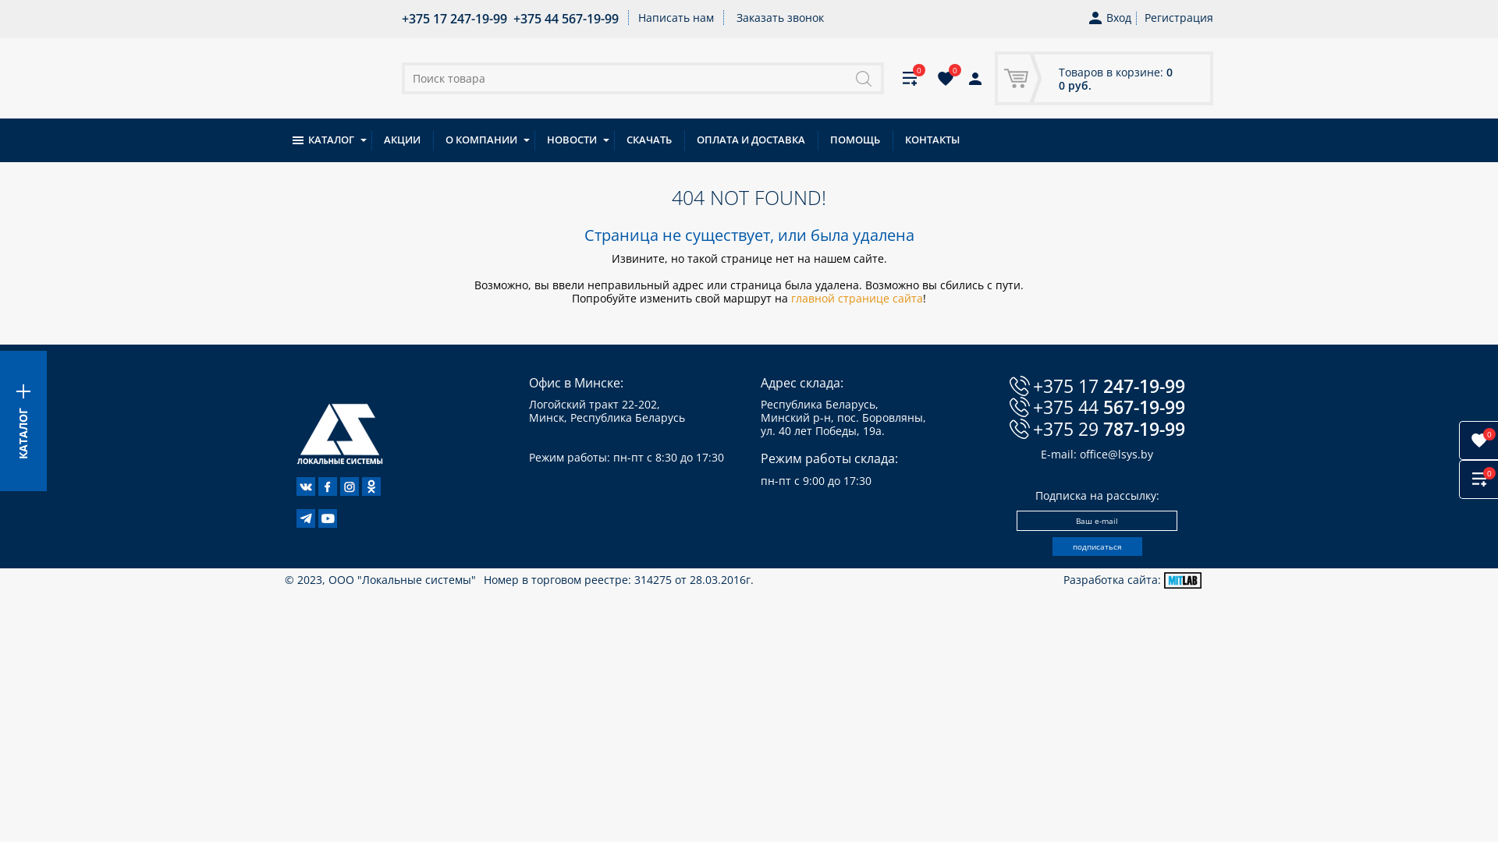 This screenshot has height=842, width=1498. What do you see at coordinates (1115, 454) in the screenshot?
I see `'office@lsys.by'` at bounding box center [1115, 454].